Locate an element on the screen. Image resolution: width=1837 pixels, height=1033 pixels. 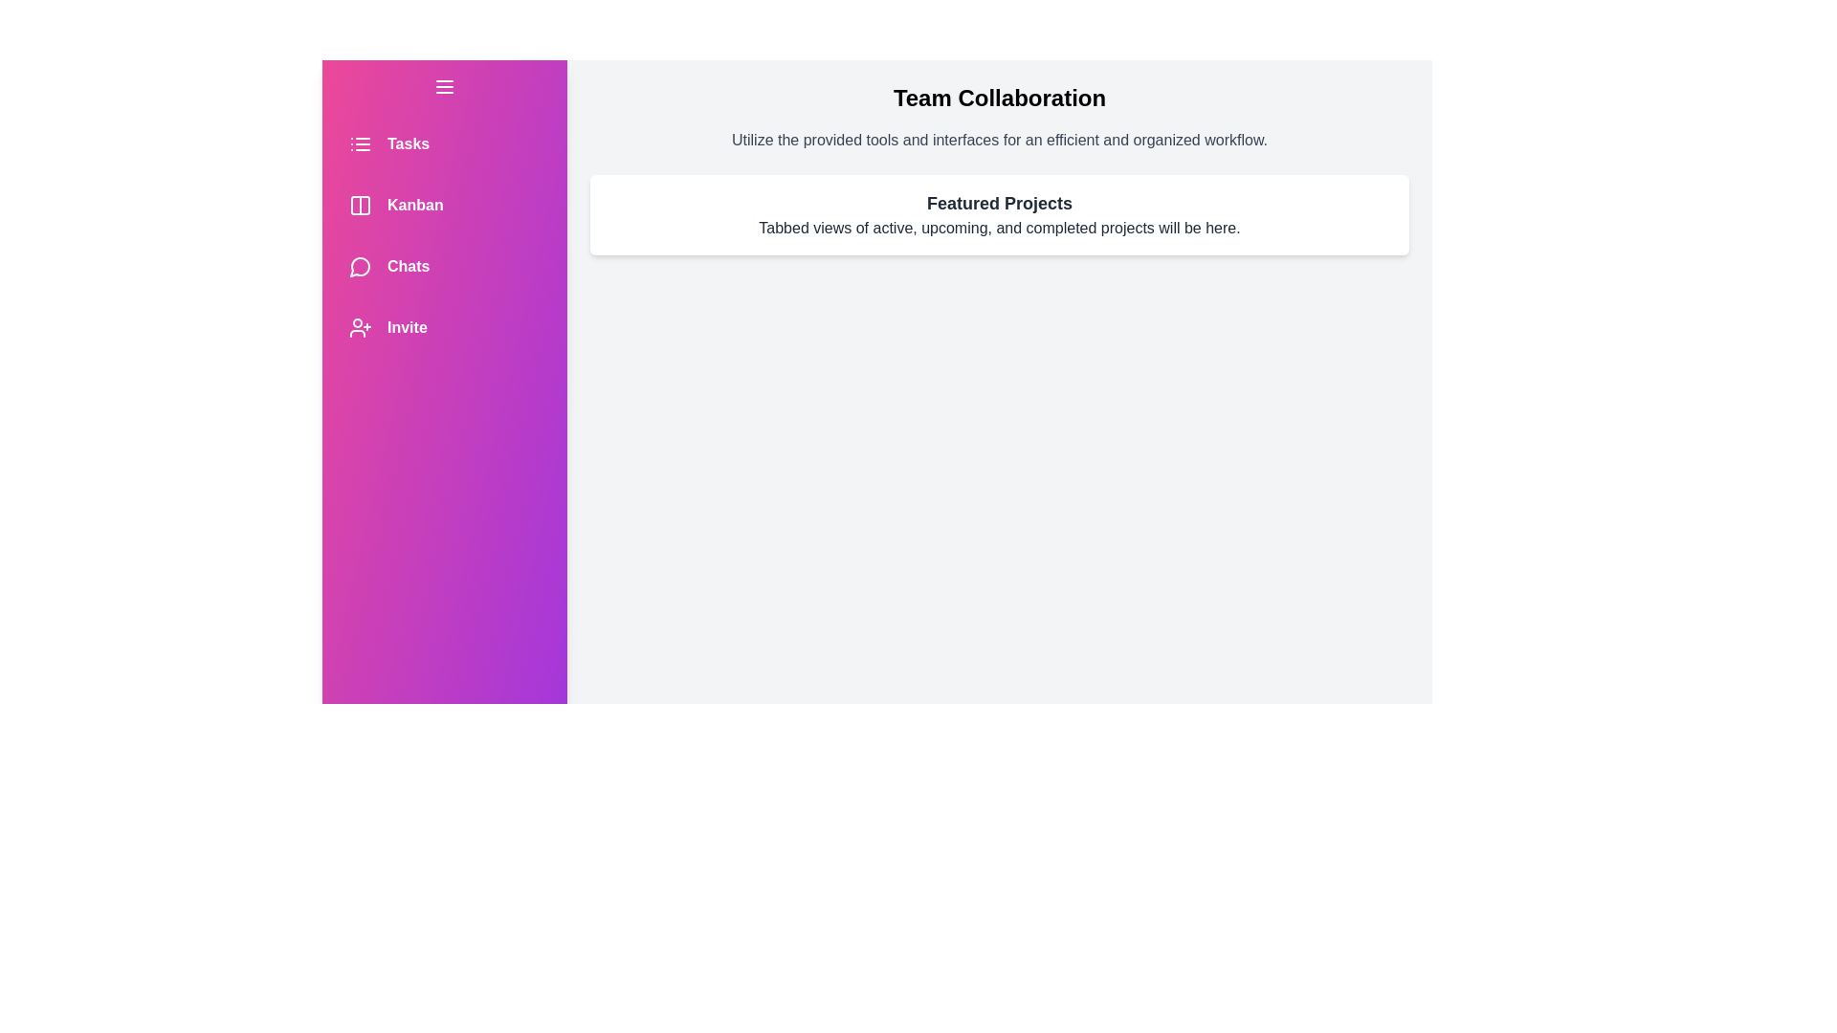
the navigation item Tasks to trigger its hover effect is located at coordinates (444, 143).